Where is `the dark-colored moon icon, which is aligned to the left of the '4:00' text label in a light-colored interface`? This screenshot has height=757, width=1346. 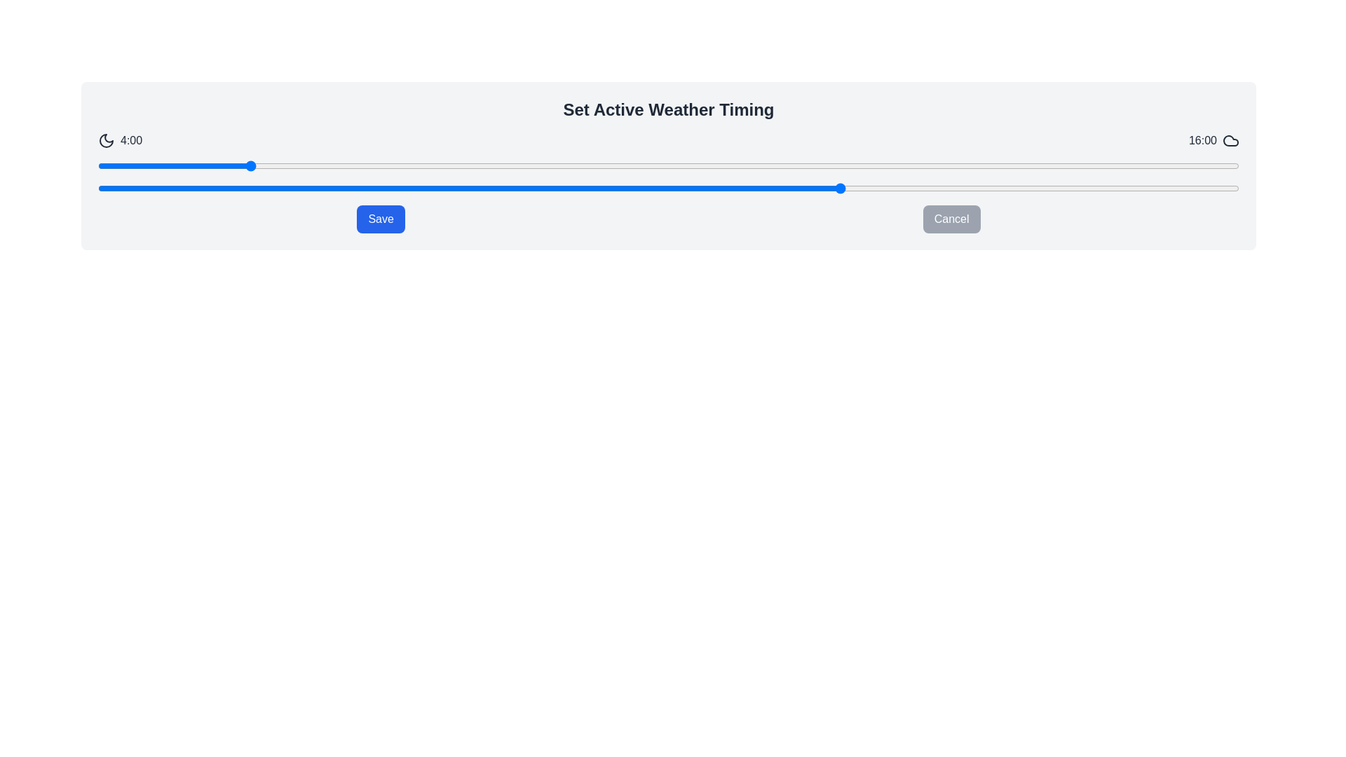 the dark-colored moon icon, which is aligned to the left of the '4:00' text label in a light-colored interface is located at coordinates (106, 140).